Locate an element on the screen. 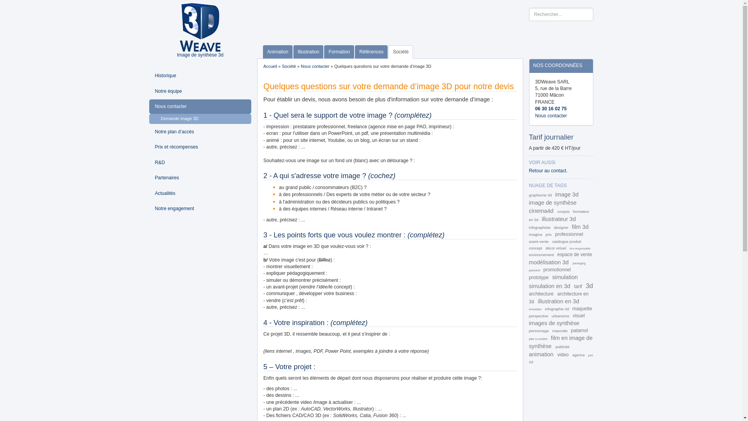 The height and width of the screenshot is (421, 748). 'designer' is located at coordinates (561, 227).